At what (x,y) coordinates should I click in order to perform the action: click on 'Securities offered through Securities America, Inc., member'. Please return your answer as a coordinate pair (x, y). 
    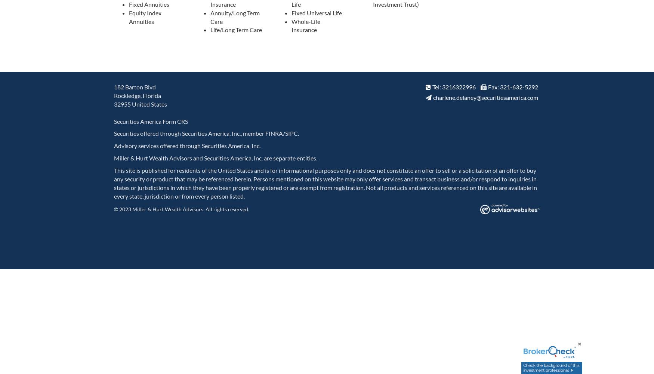
    Looking at the image, I should click on (114, 133).